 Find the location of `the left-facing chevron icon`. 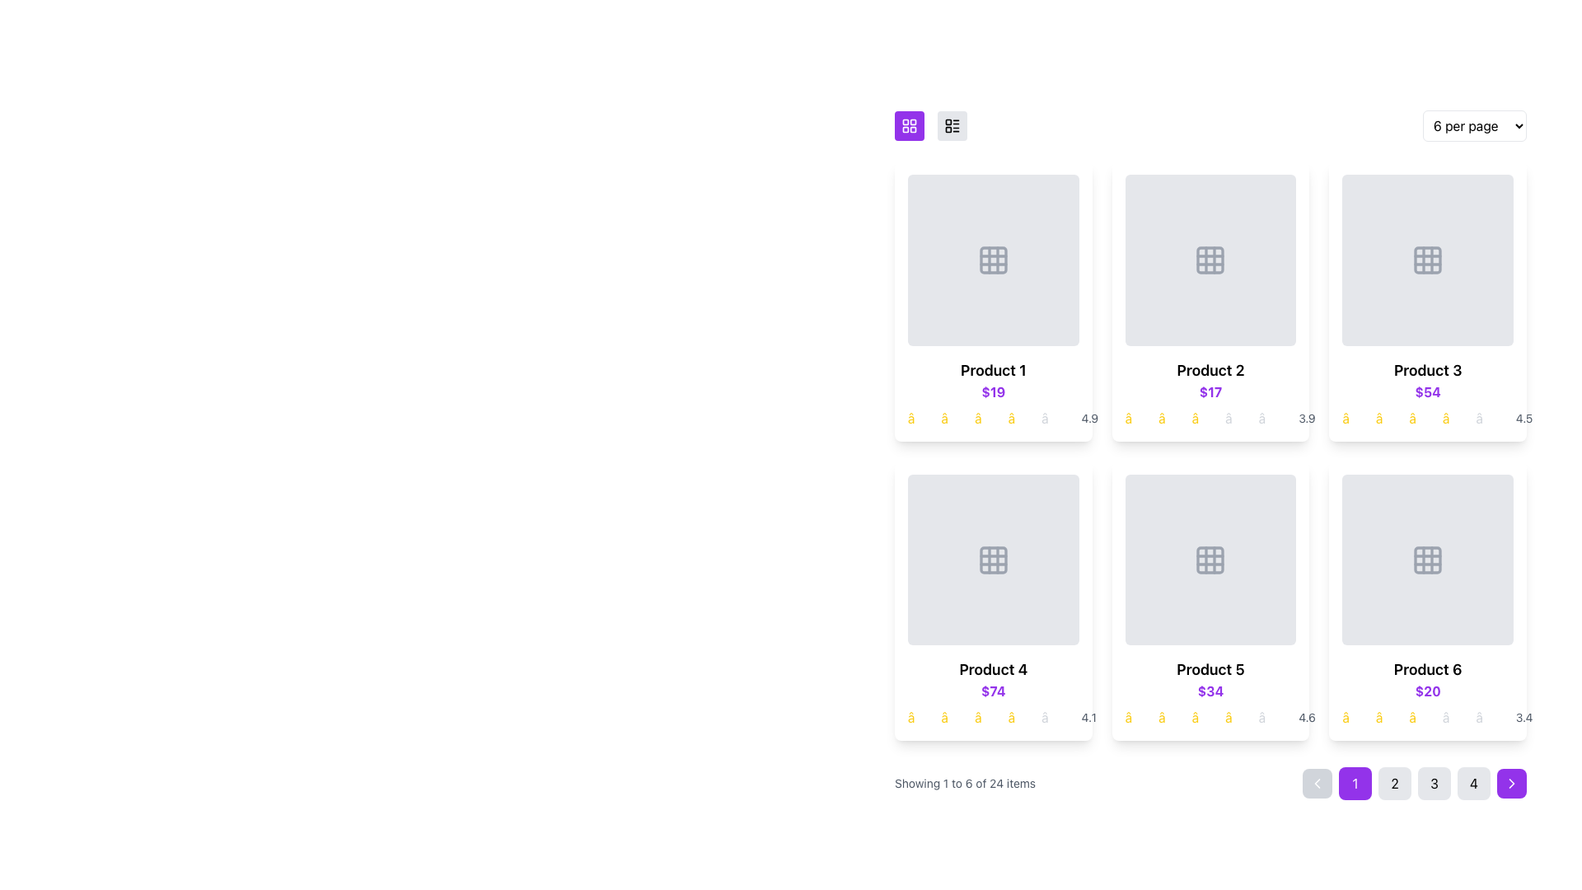

the left-facing chevron icon is located at coordinates (1316, 783).